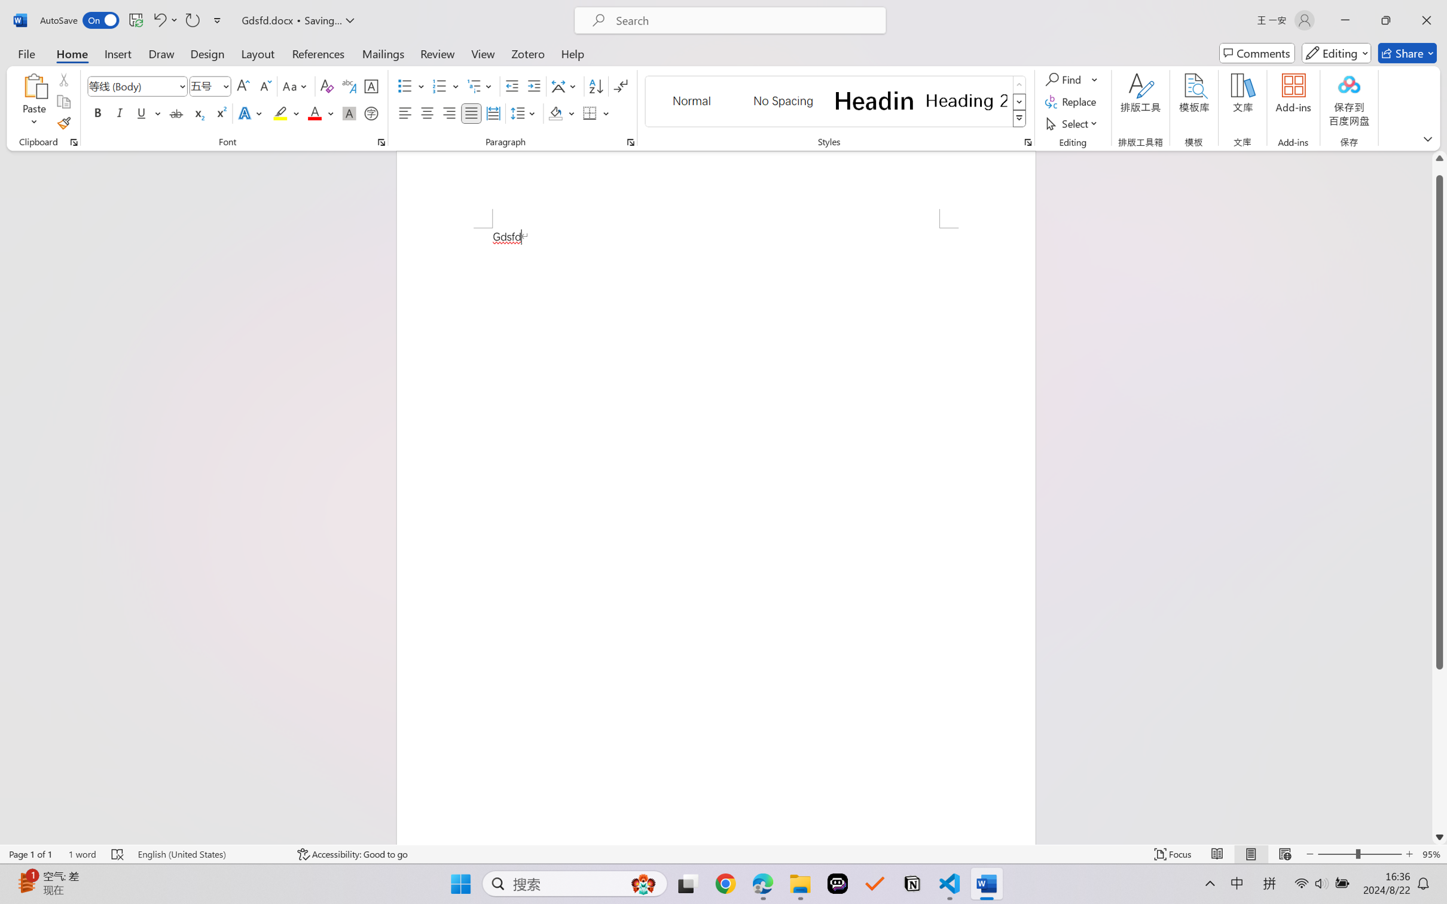 The image size is (1447, 904). I want to click on 'Font Color Red', so click(315, 112).